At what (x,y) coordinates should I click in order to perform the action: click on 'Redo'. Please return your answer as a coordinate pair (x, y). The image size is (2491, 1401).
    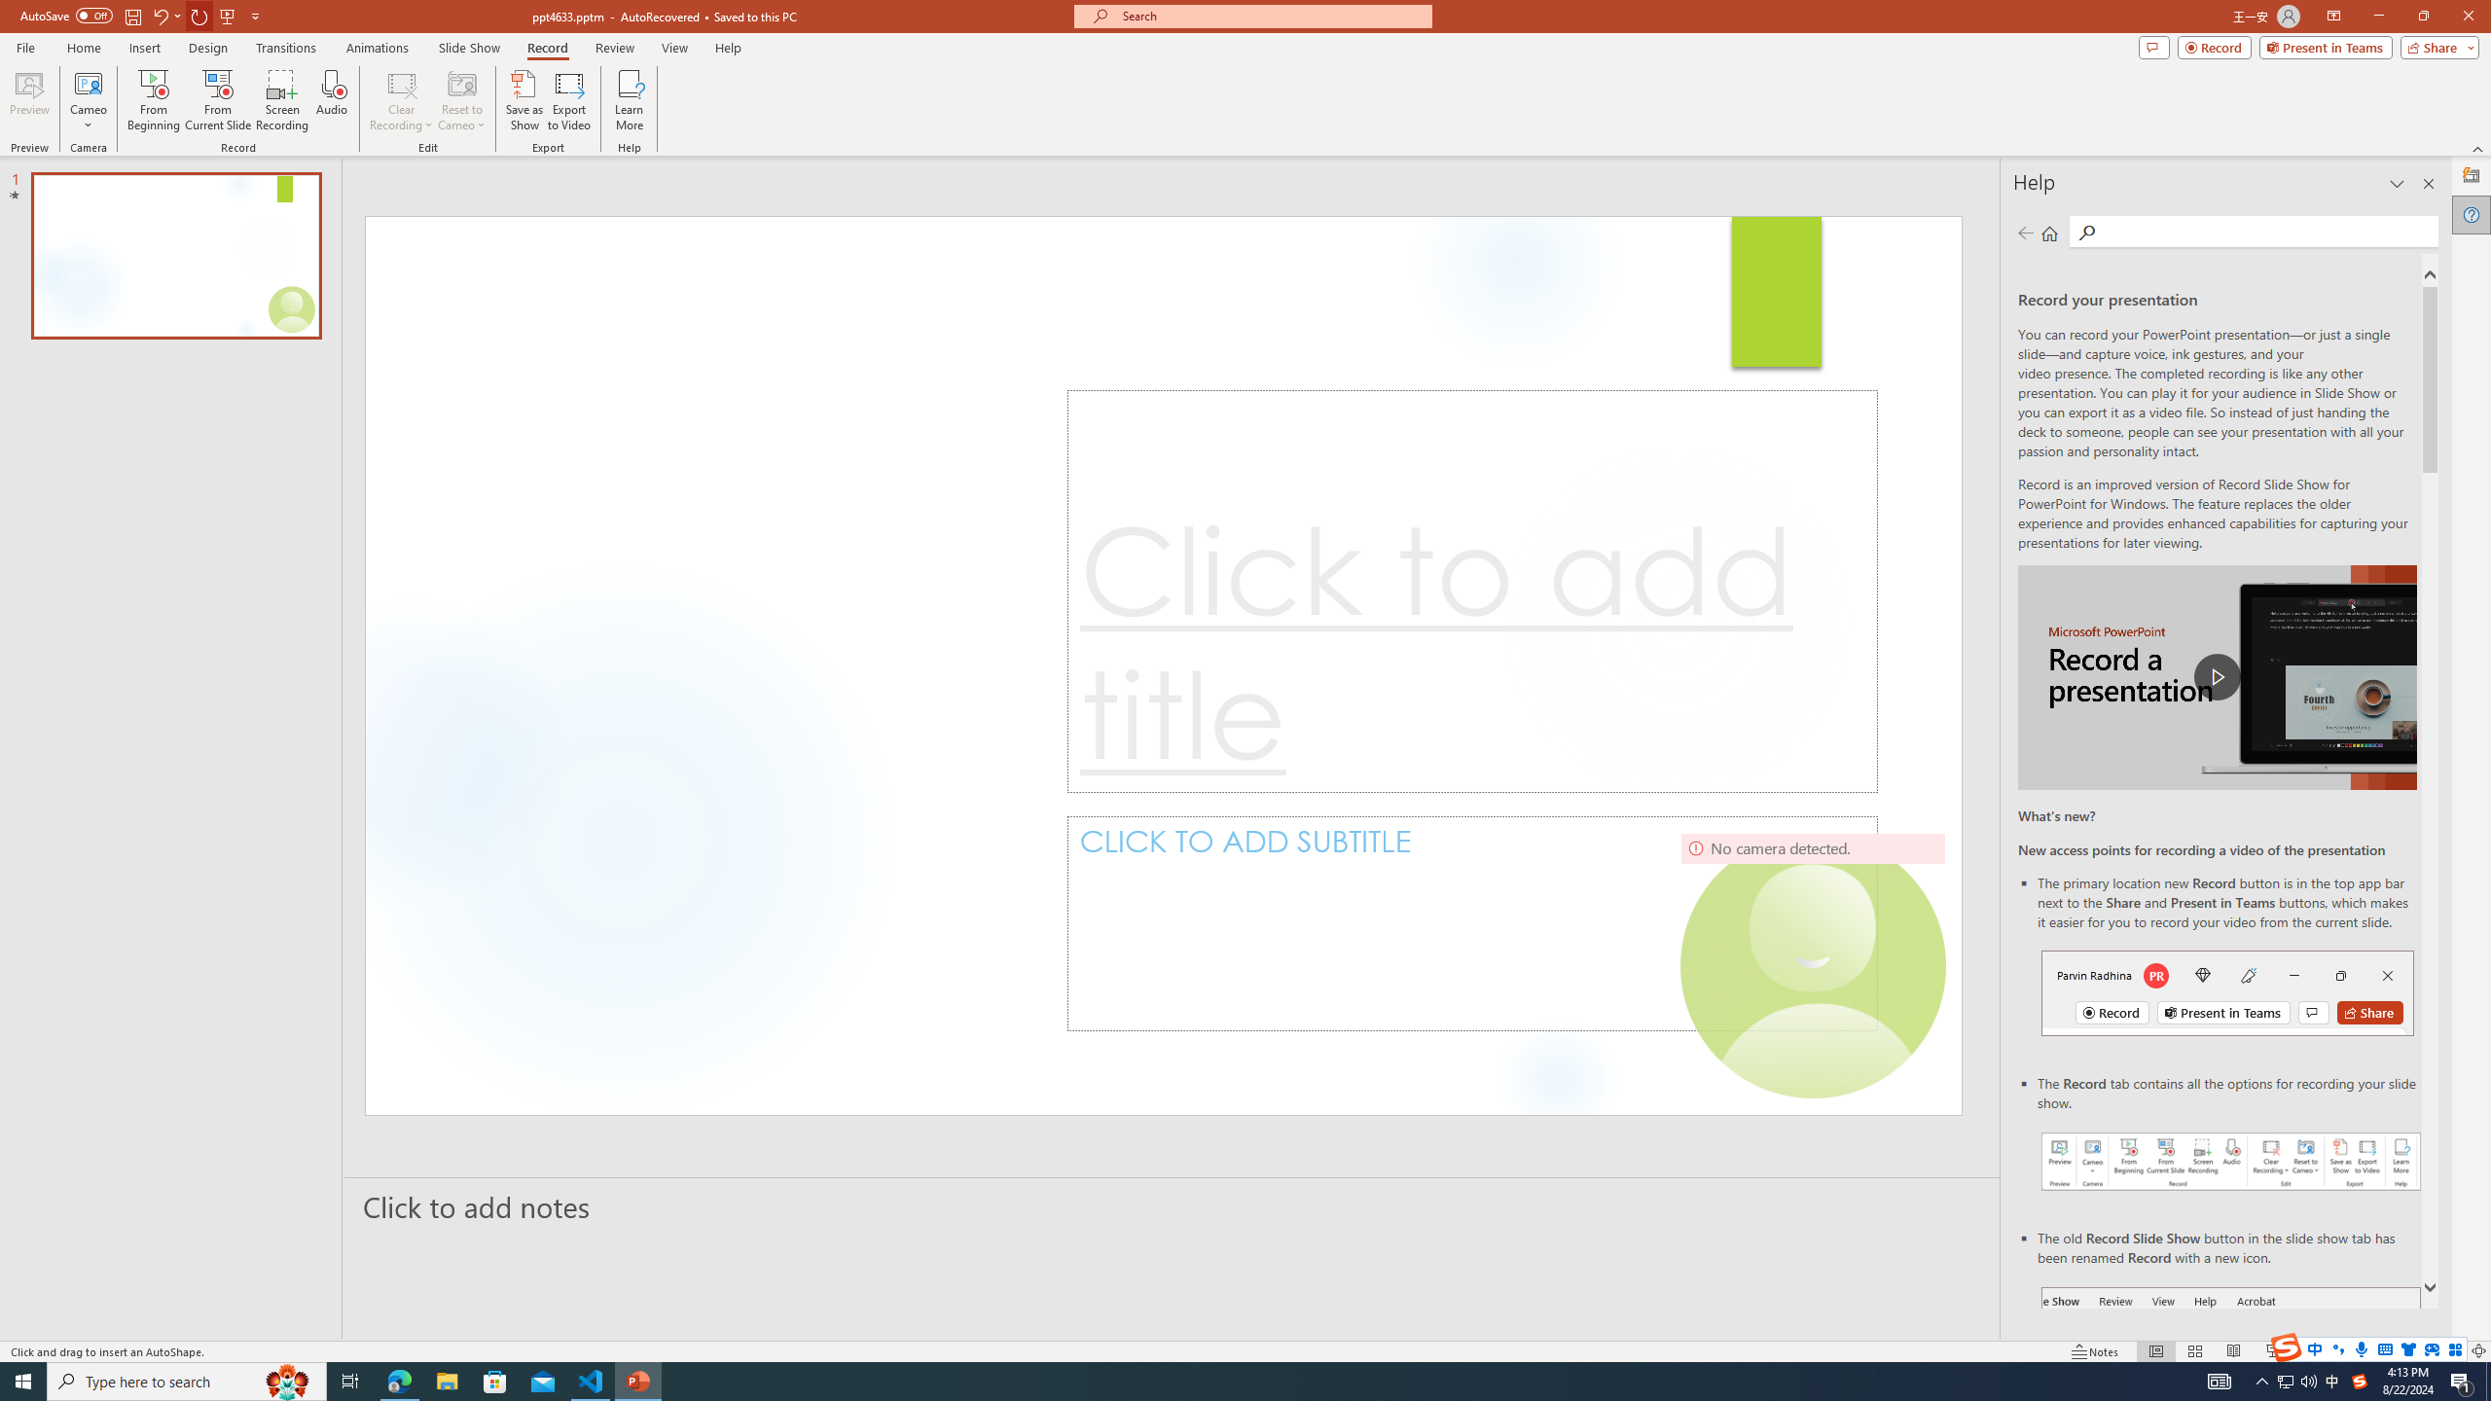
    Looking at the image, I should click on (199, 15).